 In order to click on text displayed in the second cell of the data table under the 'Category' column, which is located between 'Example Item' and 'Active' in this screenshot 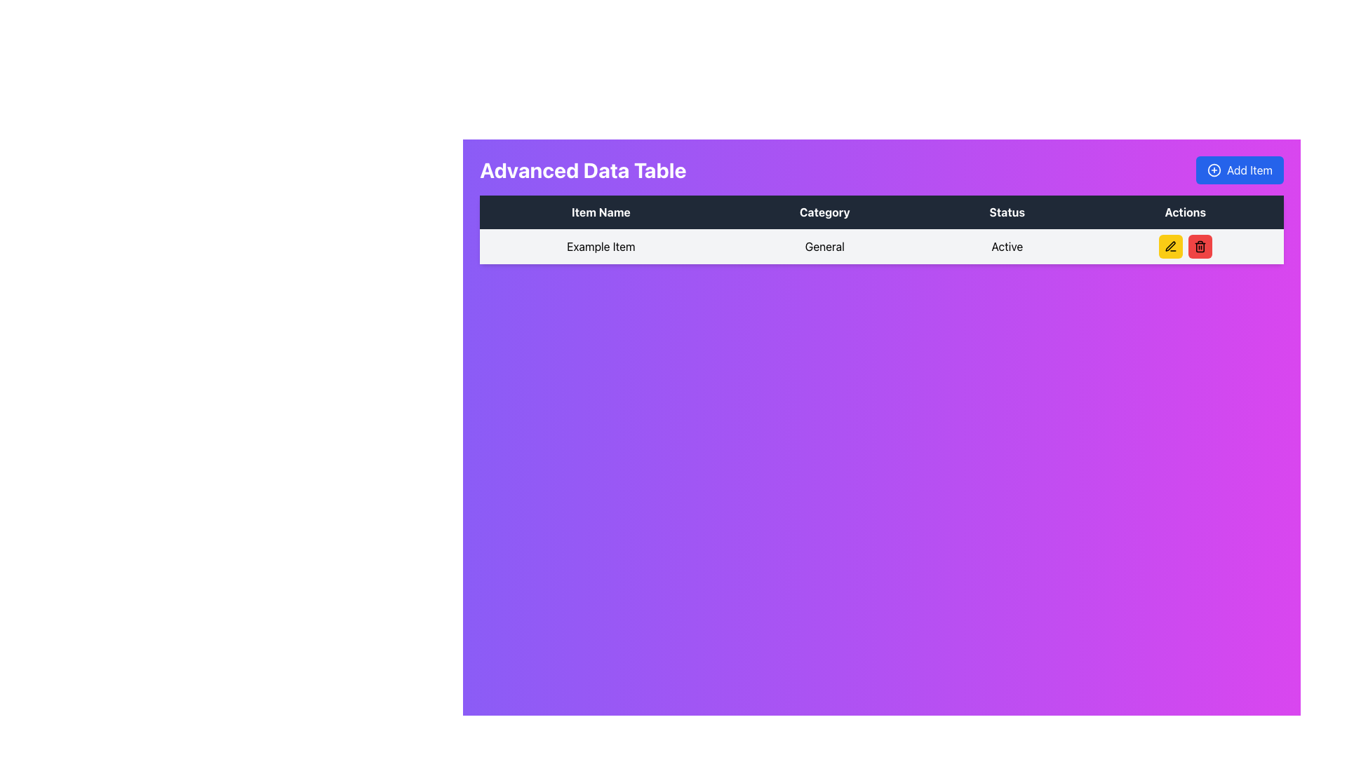, I will do `click(824, 245)`.